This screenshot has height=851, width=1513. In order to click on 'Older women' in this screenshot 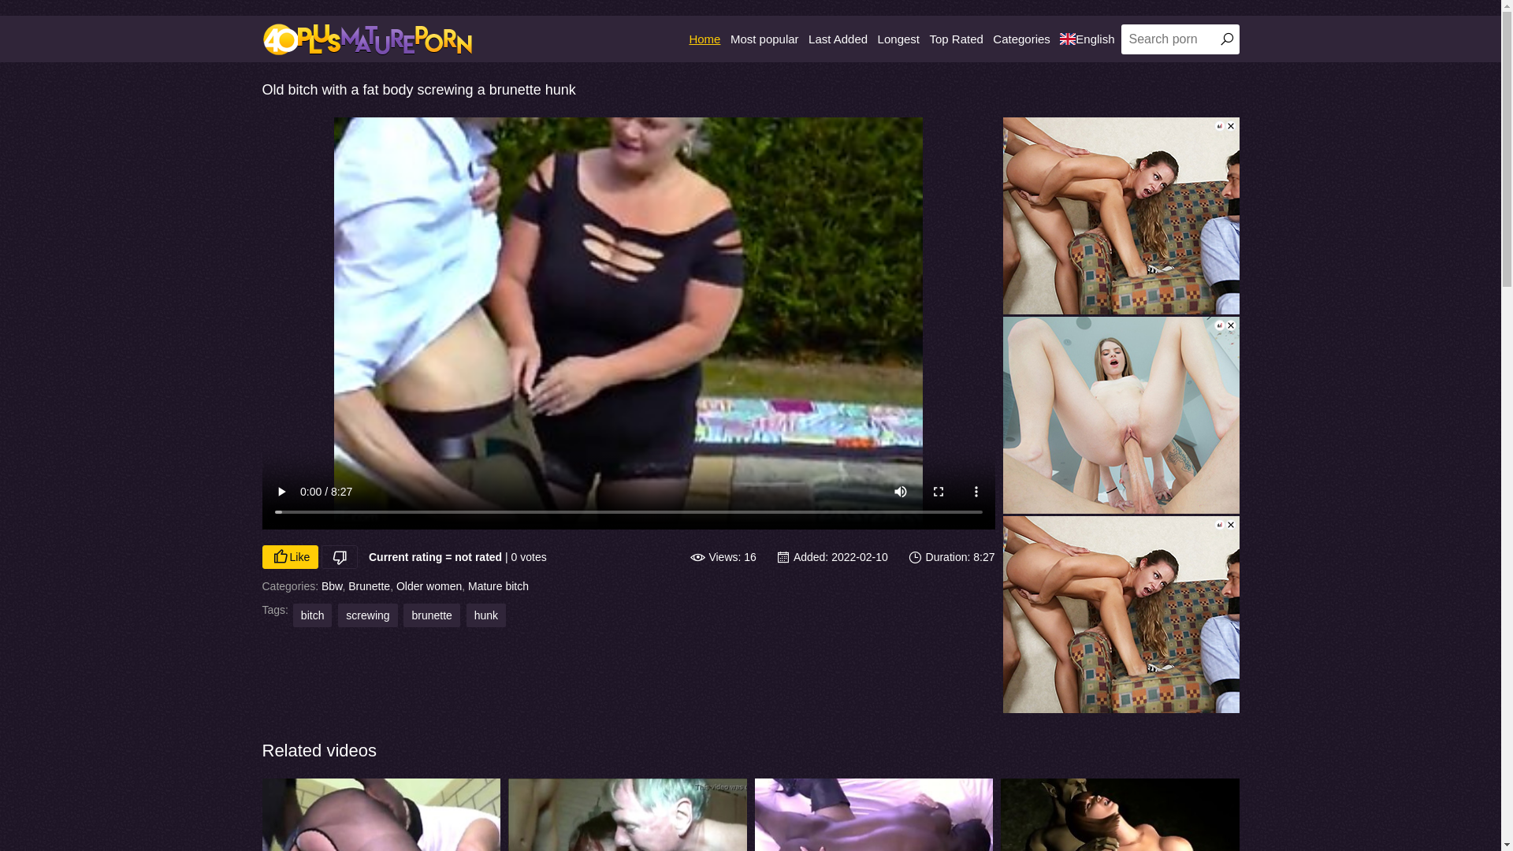, I will do `click(429, 586)`.